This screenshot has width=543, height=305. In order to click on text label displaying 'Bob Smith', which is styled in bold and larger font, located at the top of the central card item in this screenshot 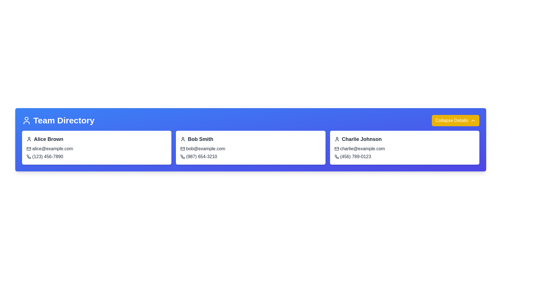, I will do `click(197, 139)`.